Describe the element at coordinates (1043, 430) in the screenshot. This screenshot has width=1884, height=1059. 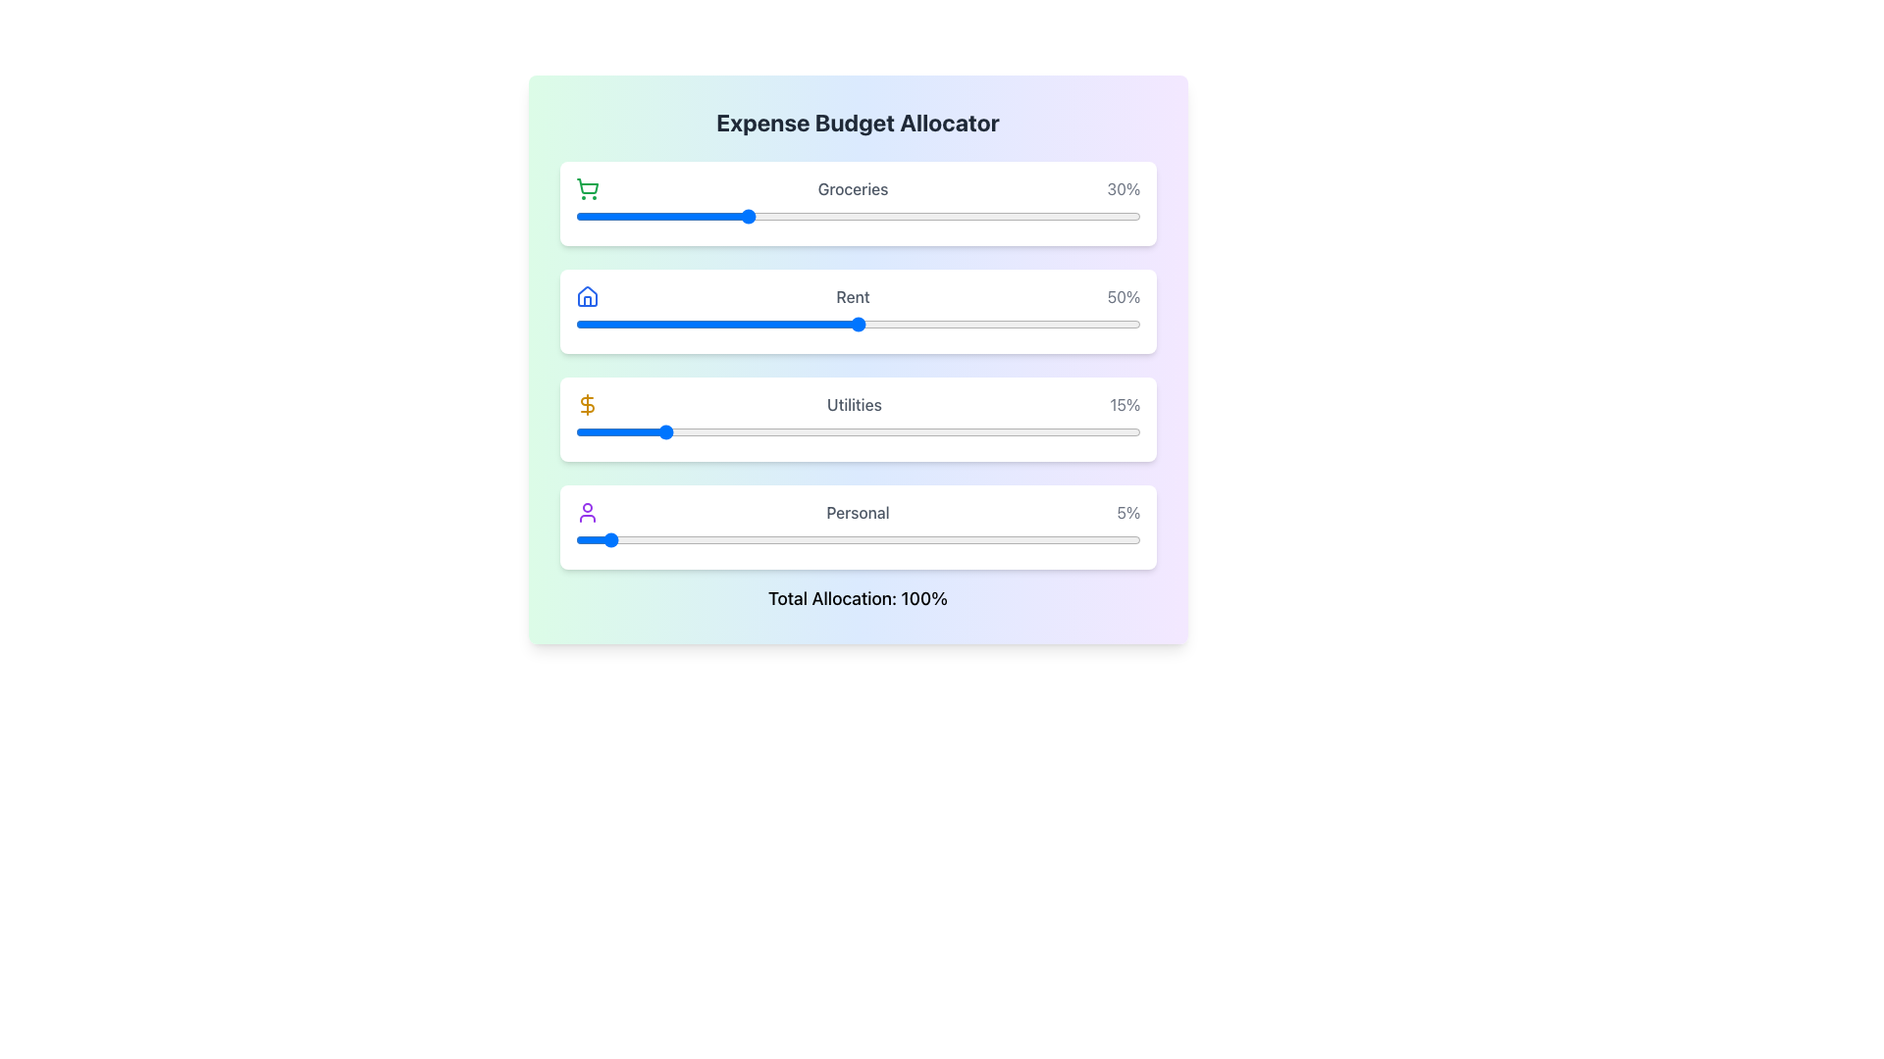
I see `the Utilities slider` at that location.